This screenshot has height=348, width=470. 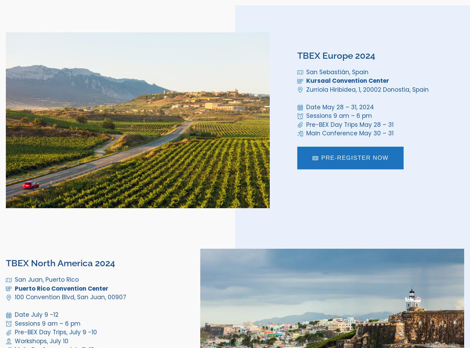 I want to click on 'Workshops, July 10', so click(x=41, y=341).